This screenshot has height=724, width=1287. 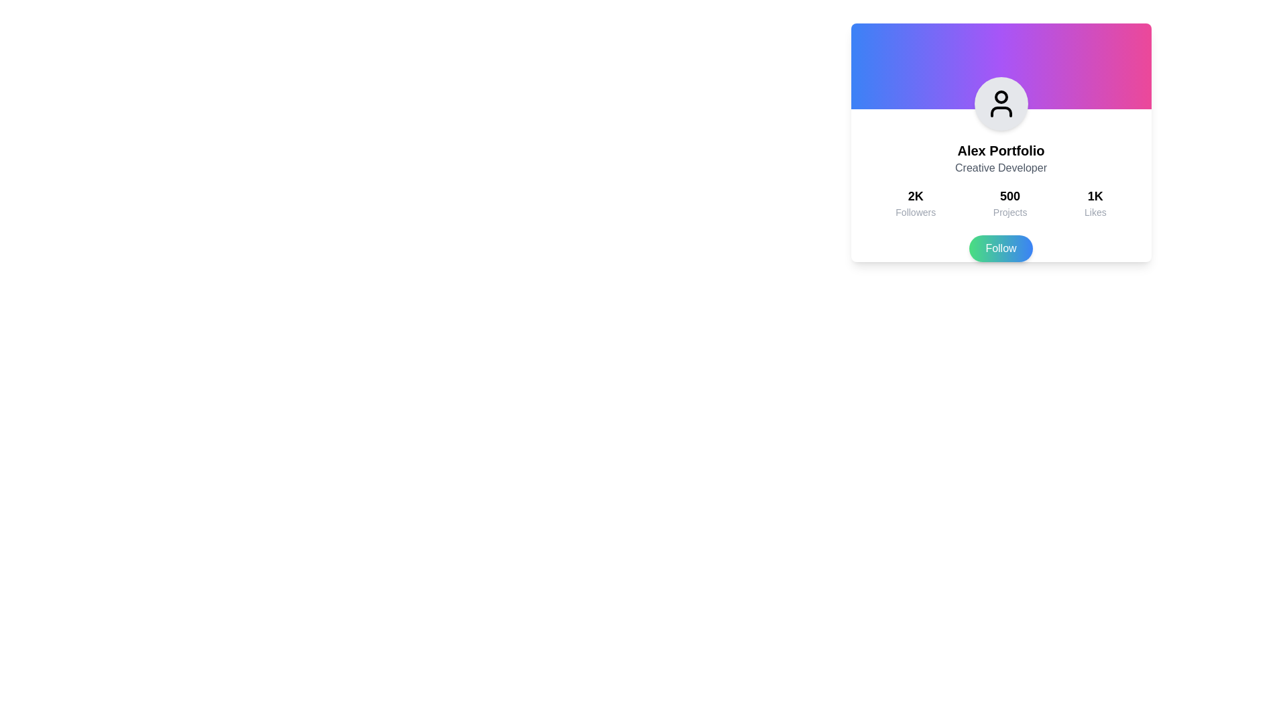 What do you see at coordinates (1001, 103) in the screenshot?
I see `the Decorative icon, which is a circular icon with a user profile symbol, located at the top center of the card component labeled 'Alex Portfolio'` at bounding box center [1001, 103].